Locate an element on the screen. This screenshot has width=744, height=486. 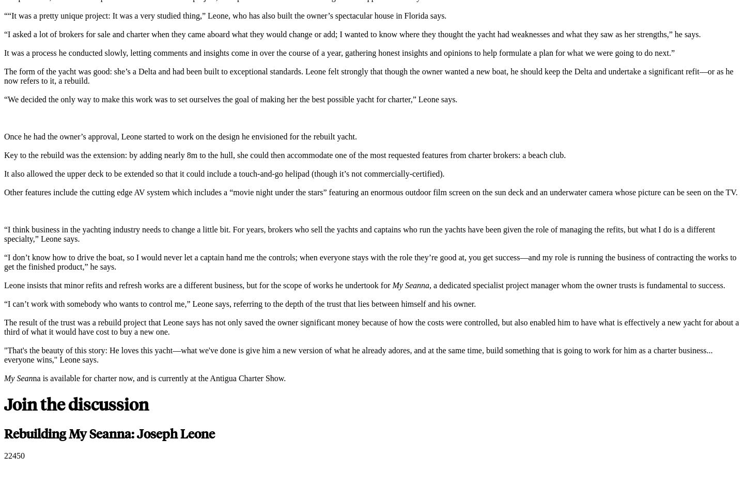
'The form of the yacht was good: she’s a Delta and had been built to exceptional standards. Leone felt strongly that though the owner wanted a new boat, he should keep the Delta and undertake a significant refit—or as he now refers to it, a rebuild.' is located at coordinates (368, 75).